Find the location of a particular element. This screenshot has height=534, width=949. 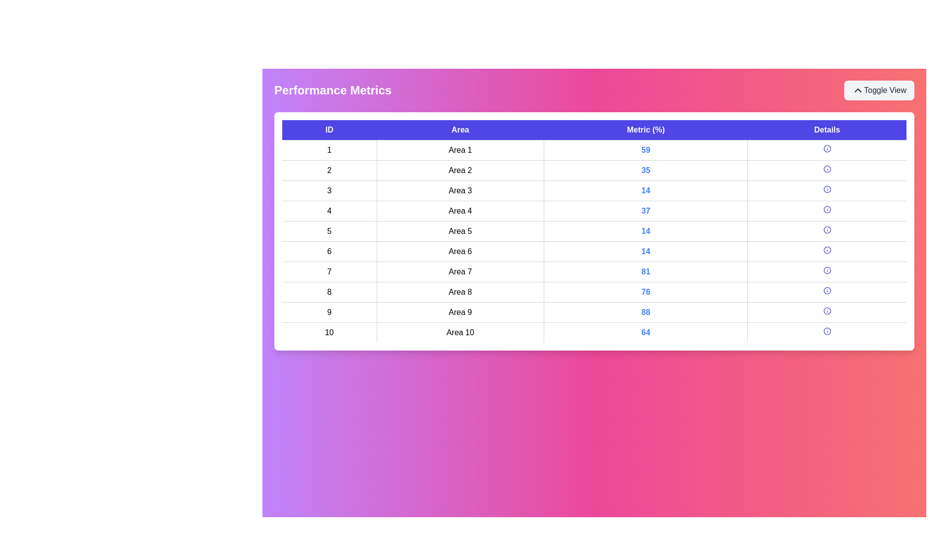

the ID header to sort or filter data is located at coordinates (329, 130).